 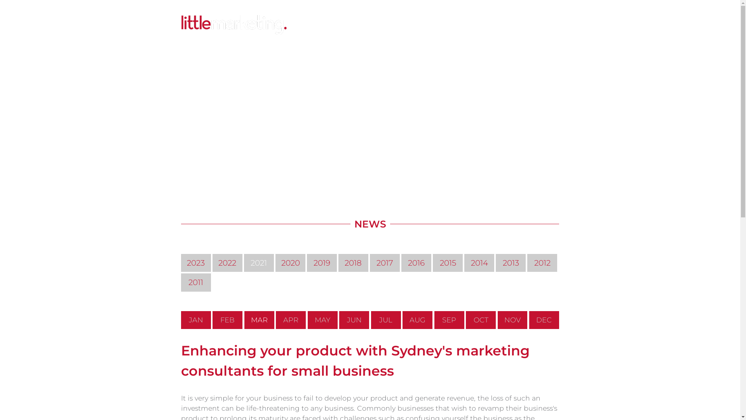 I want to click on 'AUG', so click(x=417, y=320).